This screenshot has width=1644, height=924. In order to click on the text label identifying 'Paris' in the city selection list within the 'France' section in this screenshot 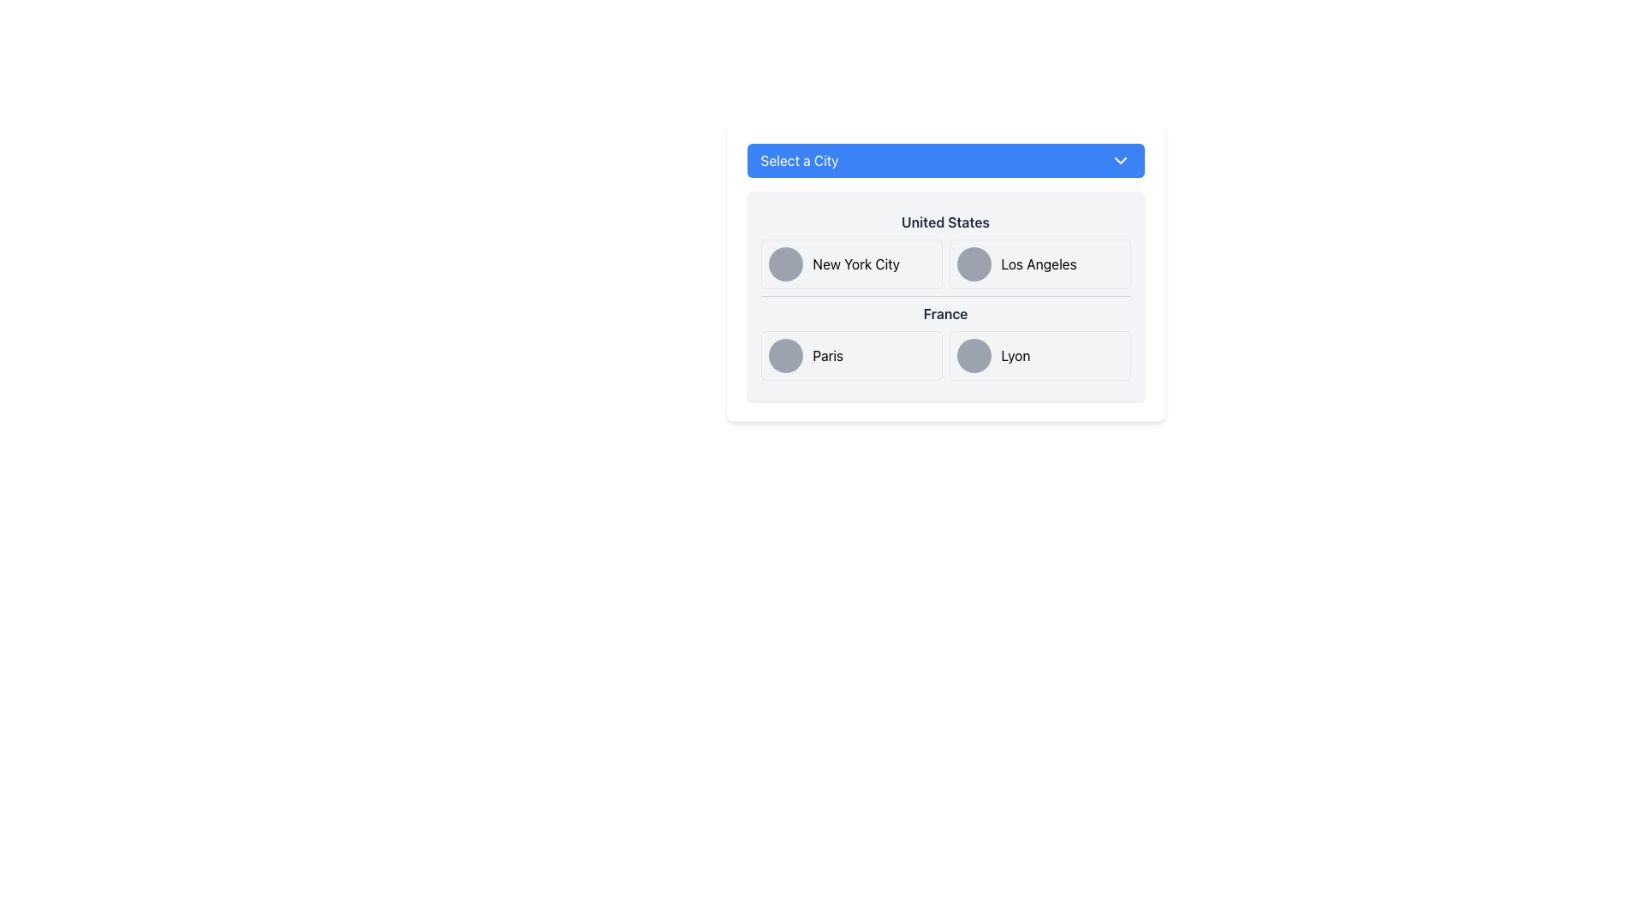, I will do `click(827, 355)`.